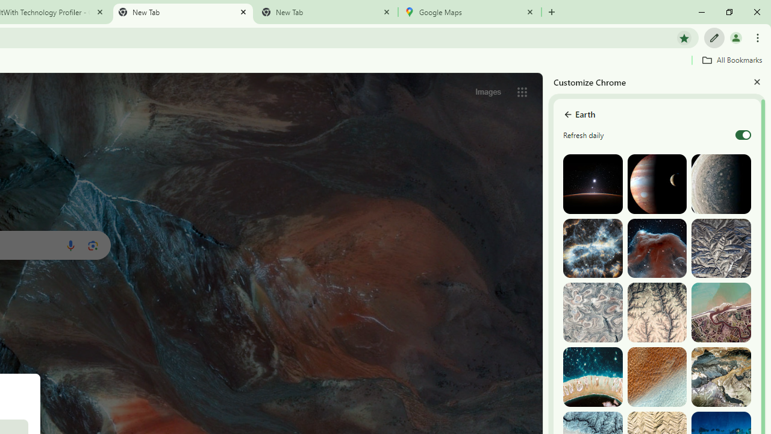 The image size is (771, 434). I want to click on 'Google Maps', so click(469, 12).